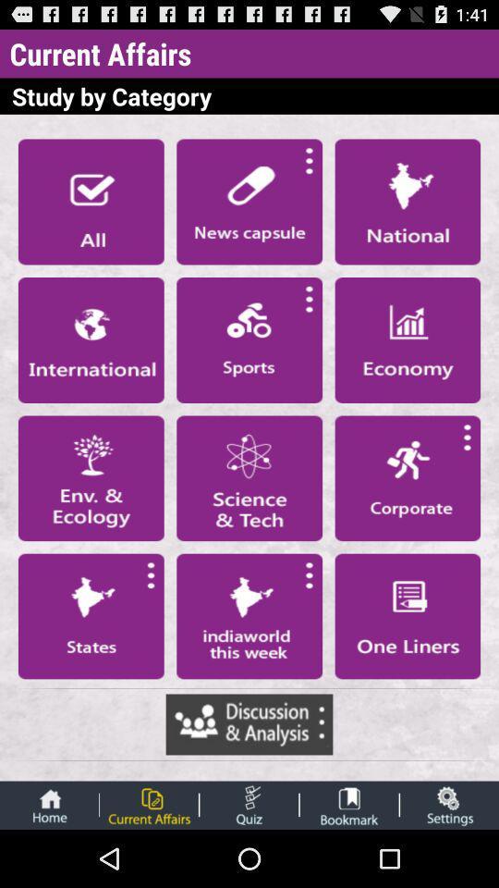 The image size is (499, 888). Describe the element at coordinates (349, 804) in the screenshot. I see `display bookmark` at that location.